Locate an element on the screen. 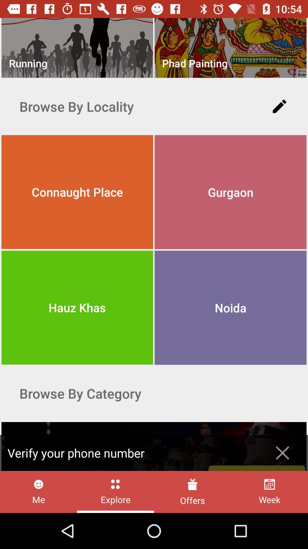 The width and height of the screenshot is (308, 549). the item to the right of the offers icon is located at coordinates (269, 492).